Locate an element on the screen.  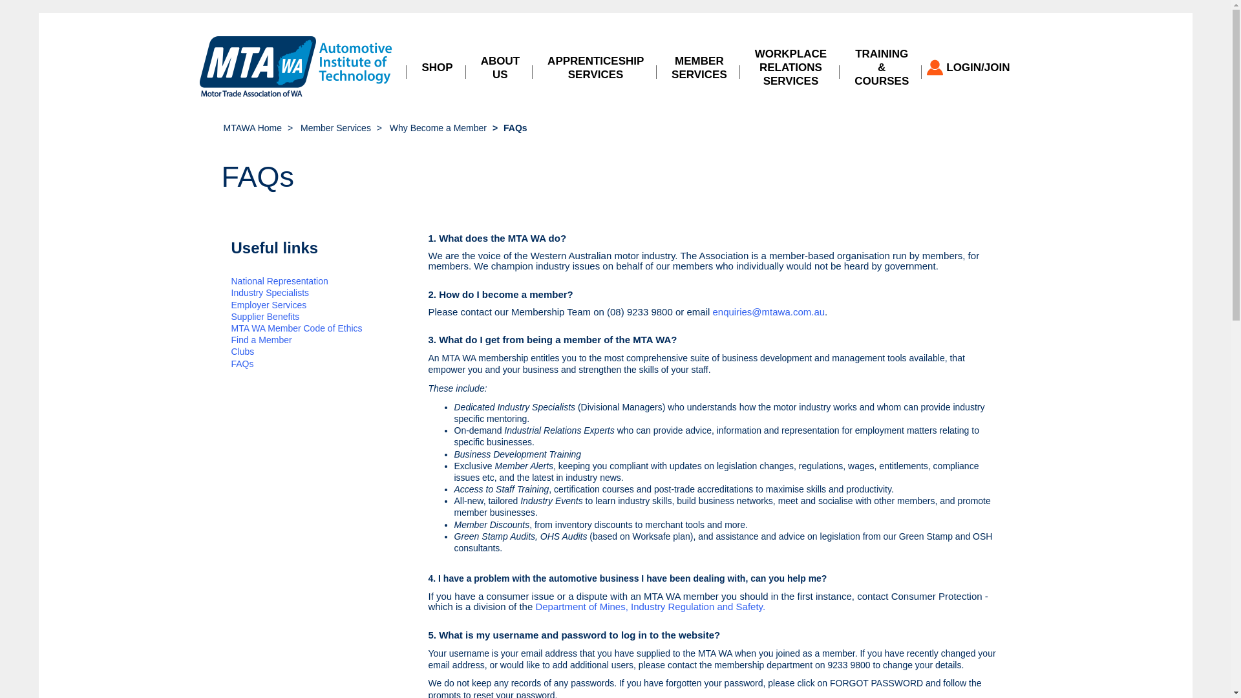
'Why Become a Member' is located at coordinates (438, 127).